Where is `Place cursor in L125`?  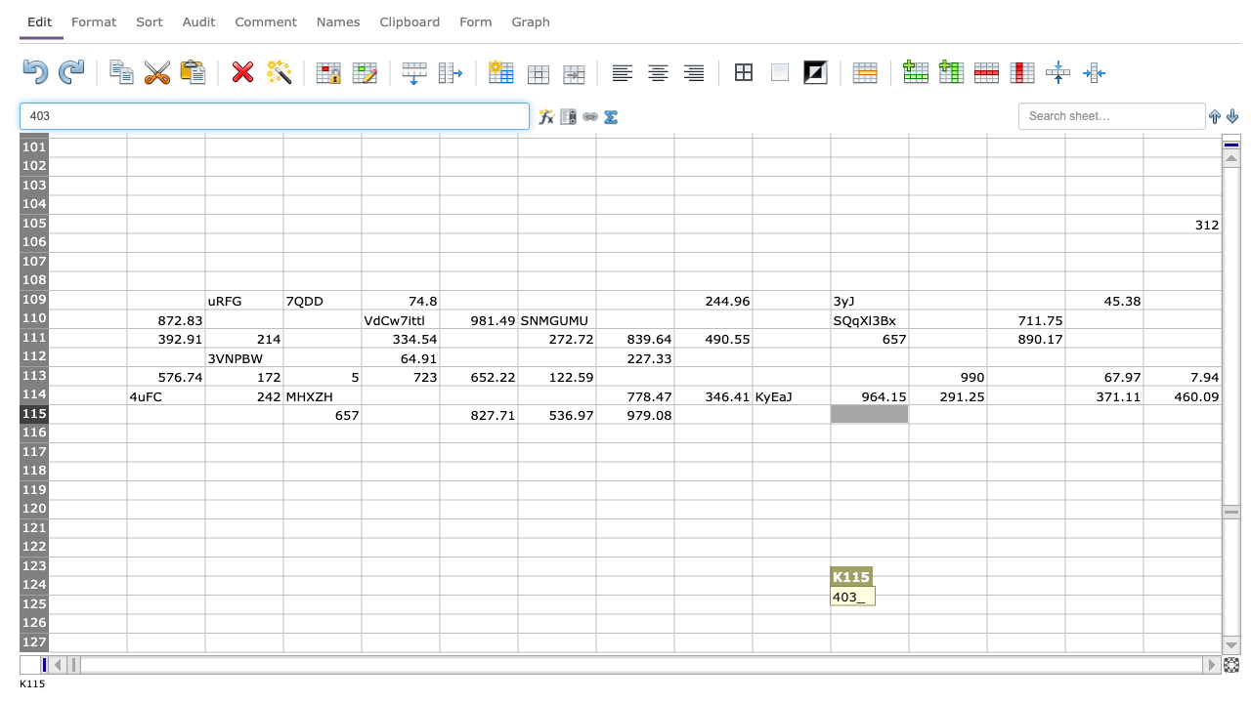
Place cursor in L125 is located at coordinates (947, 603).